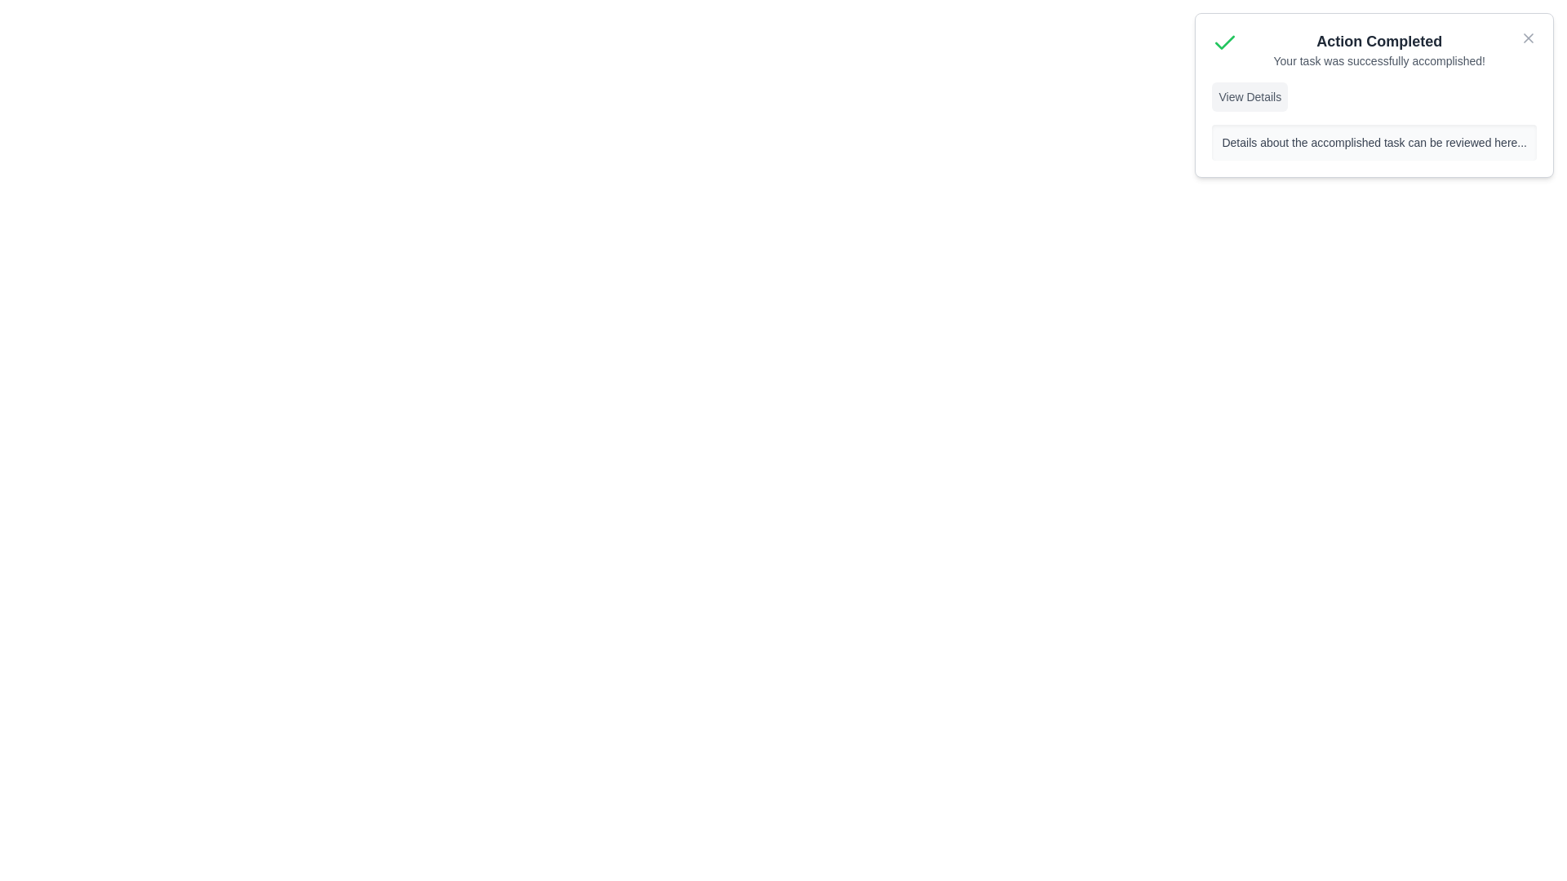 Image resolution: width=1567 pixels, height=881 pixels. Describe the element at coordinates (1527, 37) in the screenshot. I see `close button to hide the notification` at that location.